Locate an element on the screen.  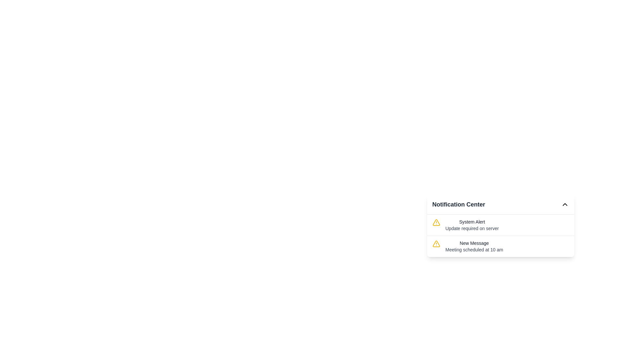
the second notification item in the notification center panel that displays information about the scheduled meeting is located at coordinates (474, 246).